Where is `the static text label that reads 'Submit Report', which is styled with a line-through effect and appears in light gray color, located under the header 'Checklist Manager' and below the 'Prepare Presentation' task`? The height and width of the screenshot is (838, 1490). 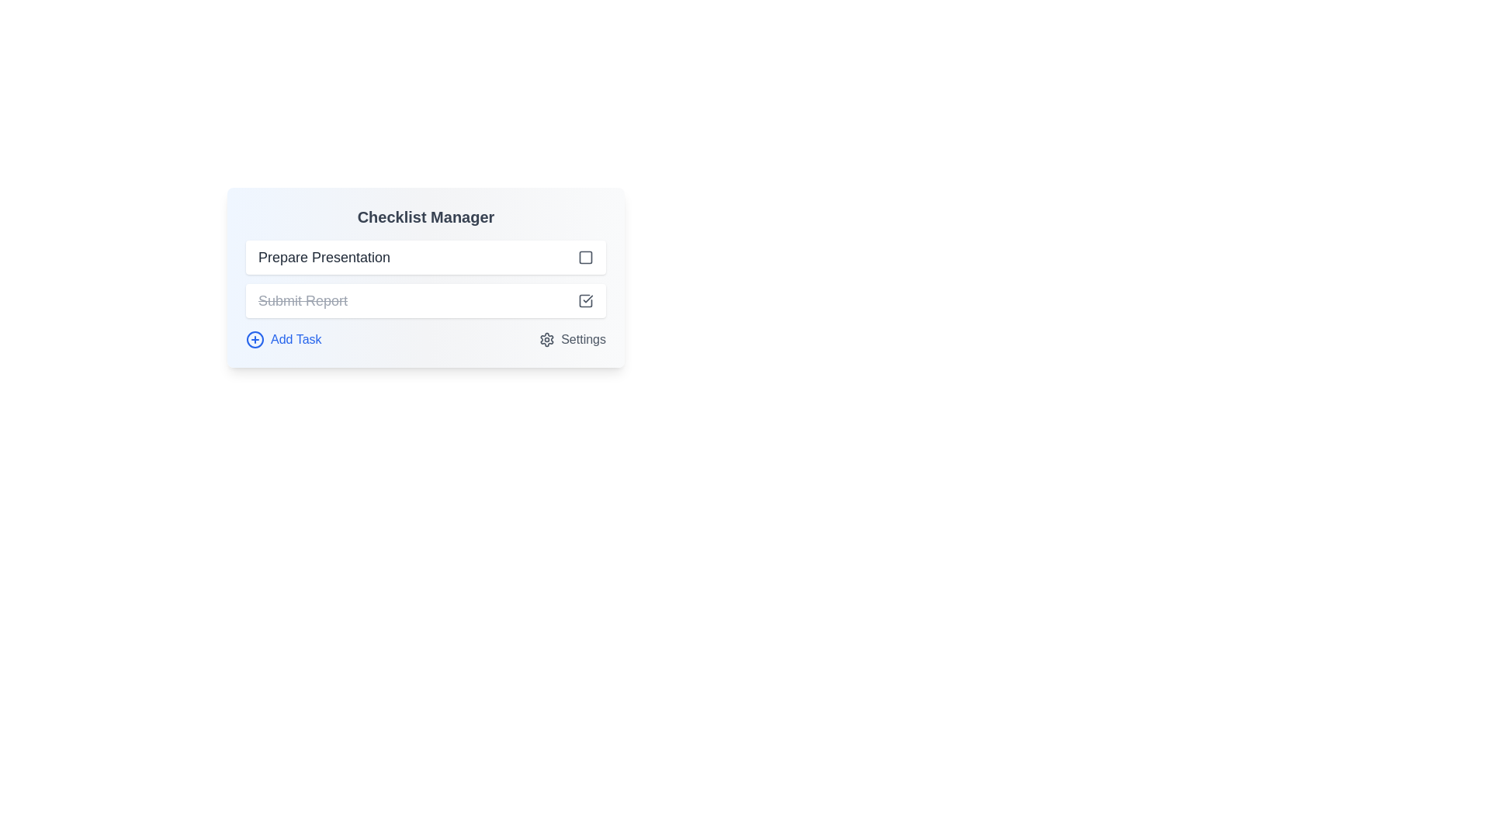 the static text label that reads 'Submit Report', which is styled with a line-through effect and appears in light gray color, located under the header 'Checklist Manager' and below the 'Prepare Presentation' task is located at coordinates (303, 301).